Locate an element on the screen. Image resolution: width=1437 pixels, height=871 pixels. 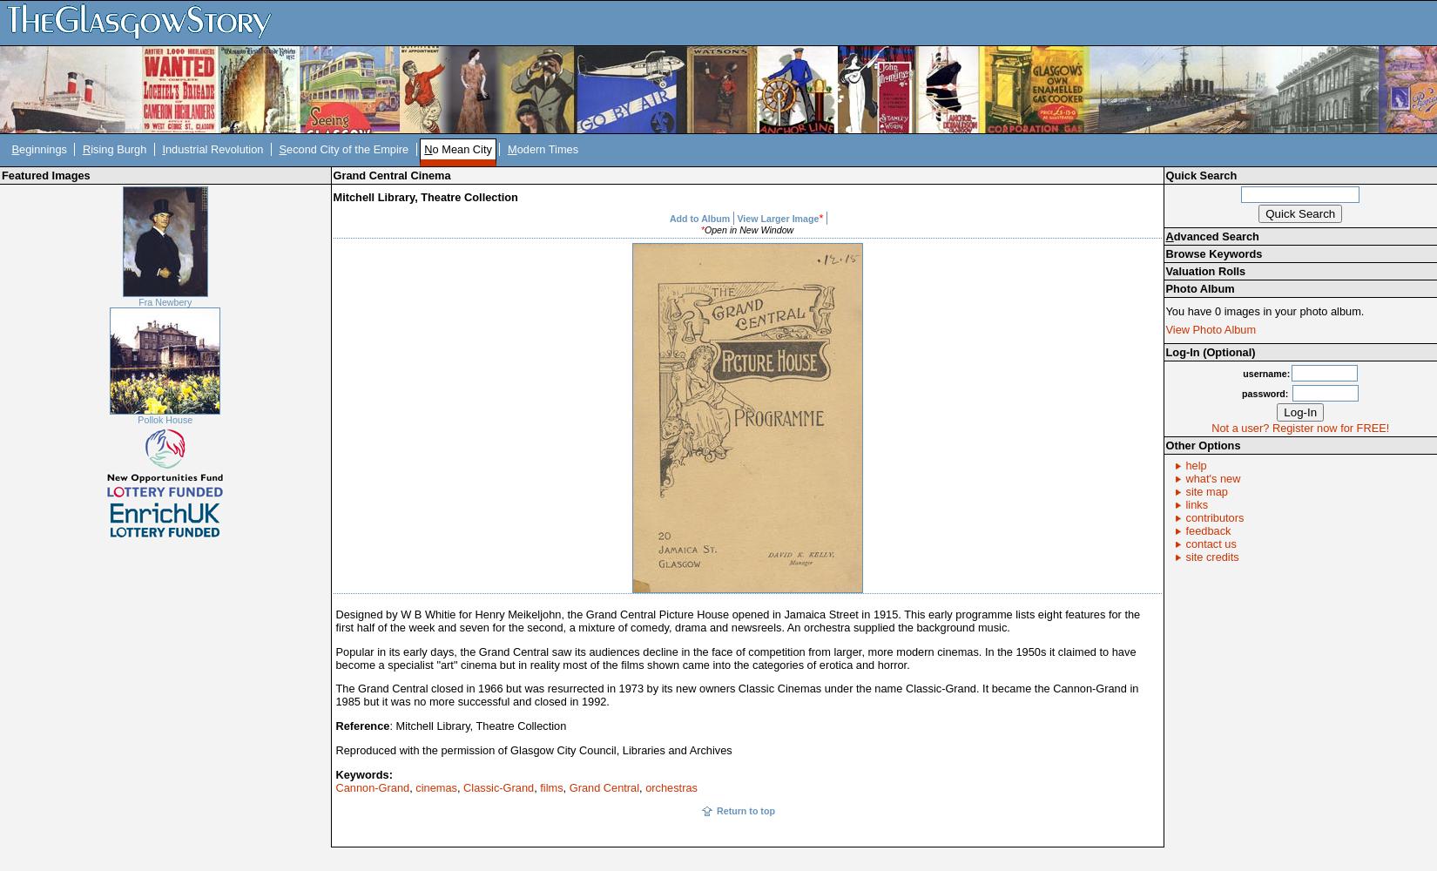
'Add to Album' is located at coordinates (668, 219).